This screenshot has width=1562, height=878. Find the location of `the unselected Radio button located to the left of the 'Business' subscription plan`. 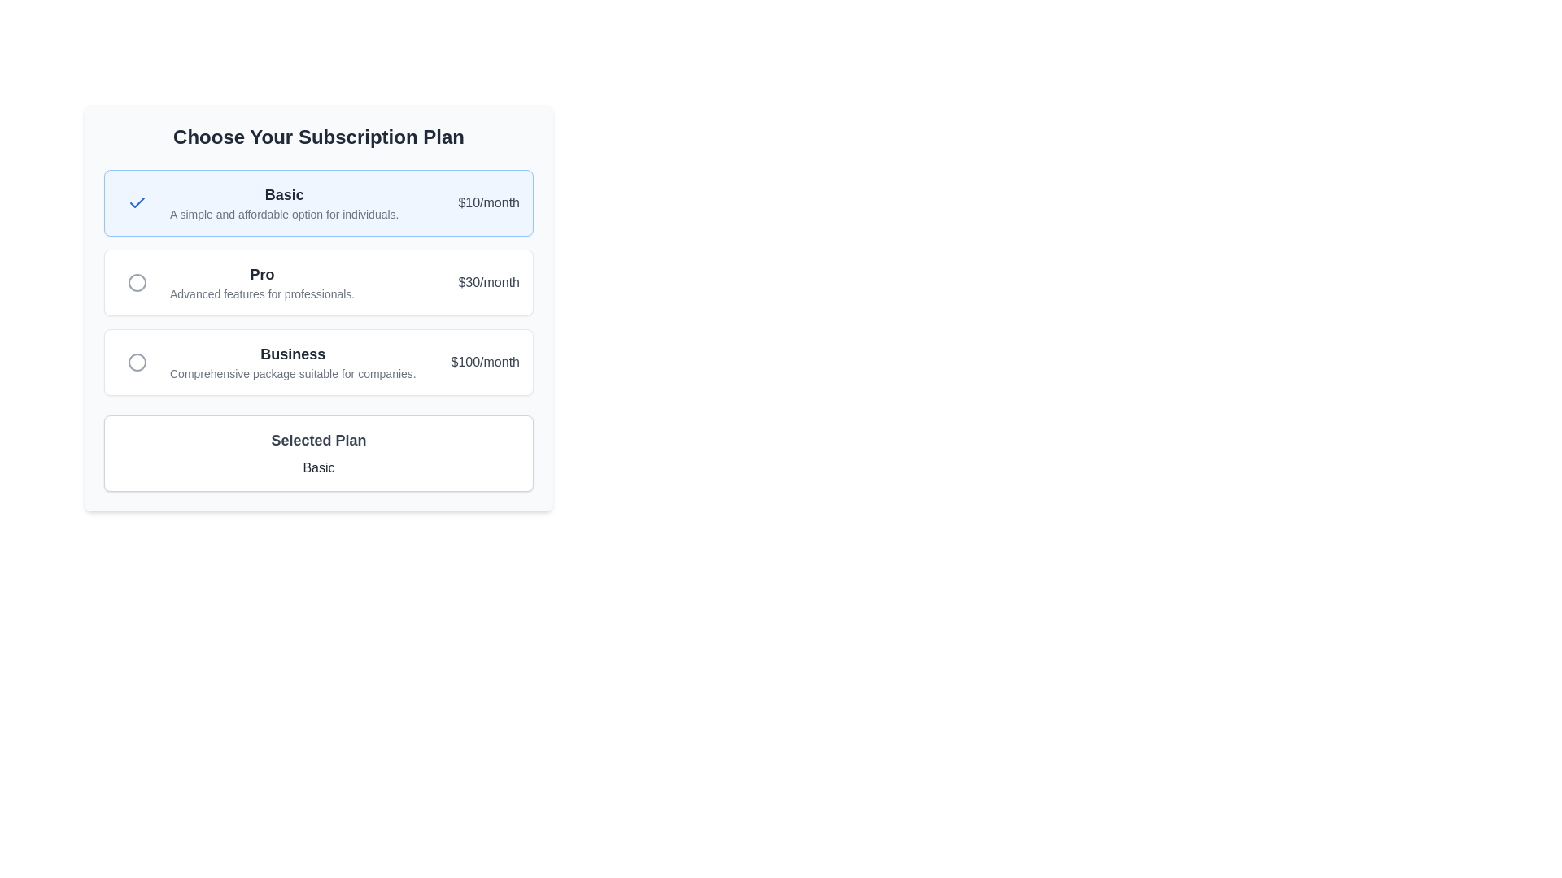

the unselected Radio button located to the left of the 'Business' subscription plan is located at coordinates (137, 362).